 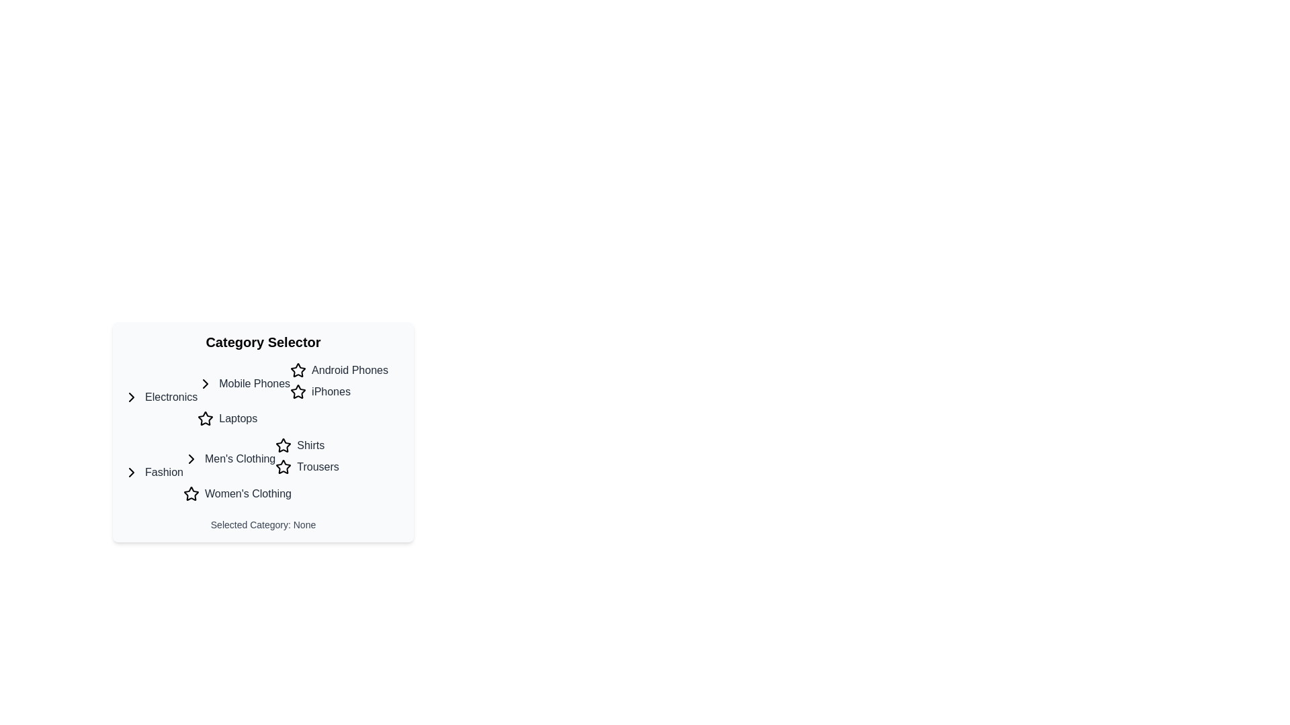 What do you see at coordinates (339, 391) in the screenshot?
I see `the clickable list item labeled 'iPhones' with a star-shaped icon, located in the 'Mobile Phones' category under 'Android Phones'` at bounding box center [339, 391].